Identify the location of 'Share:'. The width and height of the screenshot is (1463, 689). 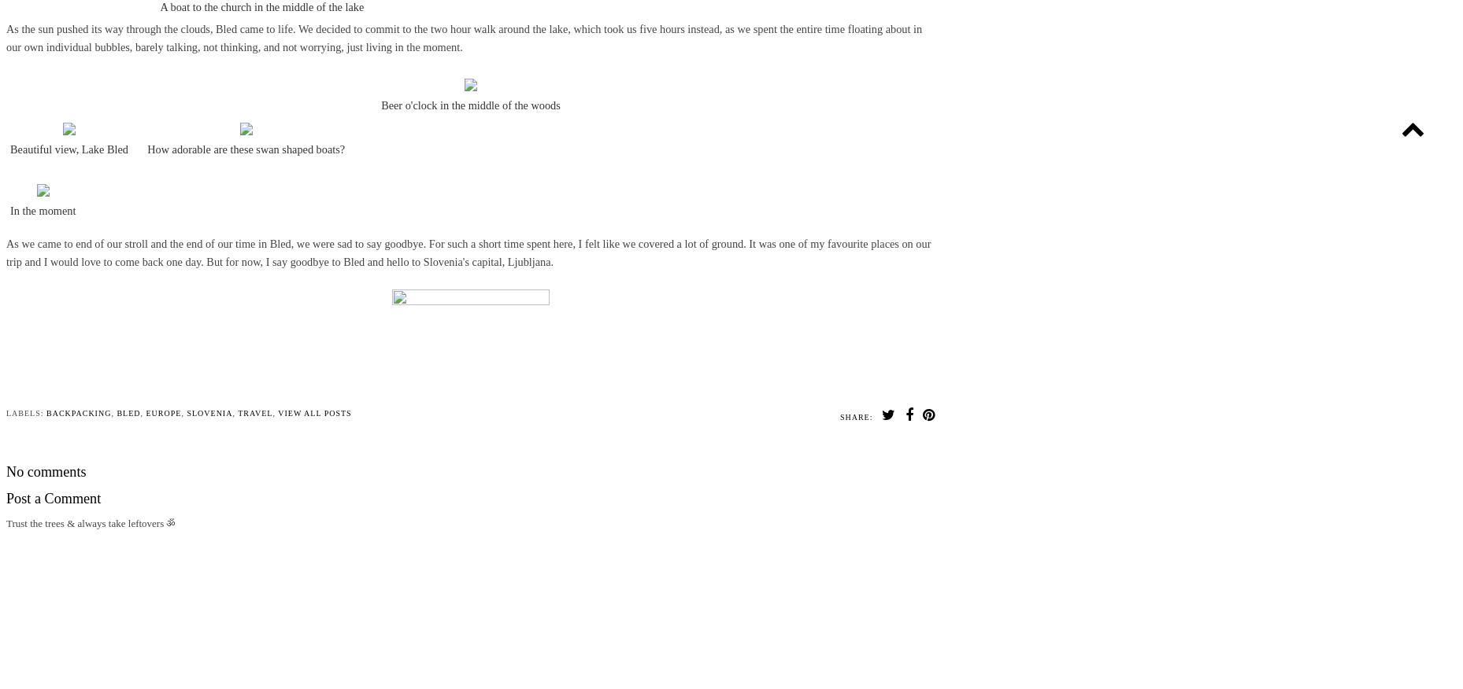
(855, 416).